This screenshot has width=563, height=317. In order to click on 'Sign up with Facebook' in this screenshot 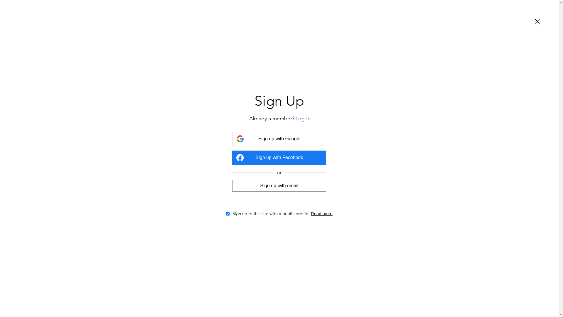, I will do `click(279, 157)`.